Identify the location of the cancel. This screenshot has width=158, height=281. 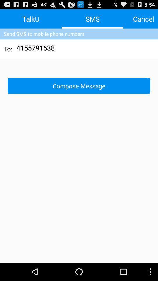
(143, 19).